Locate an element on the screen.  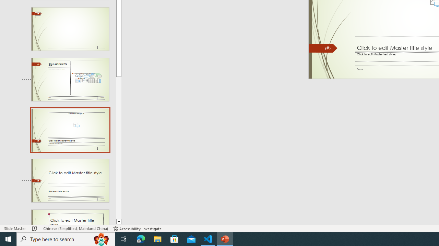
'Slide Number' is located at coordinates (325, 48).